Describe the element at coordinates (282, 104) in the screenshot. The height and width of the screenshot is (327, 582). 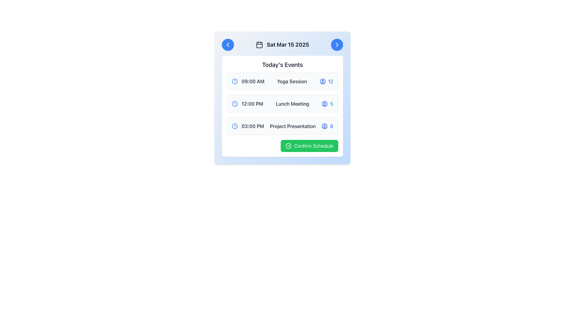
I see `the scheduled events list located at the center of the 'Today's Events' box` at that location.